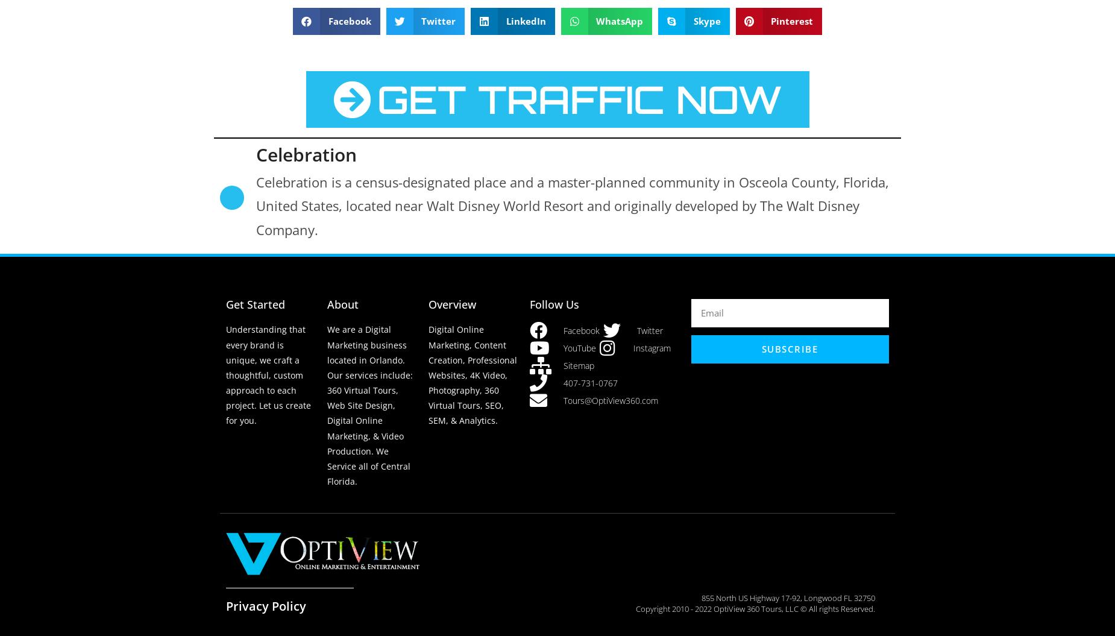  I want to click on 'Copyright 2010 - 2022 OptiView 360 Tours, LLC © All rights Reserved.', so click(755, 608).